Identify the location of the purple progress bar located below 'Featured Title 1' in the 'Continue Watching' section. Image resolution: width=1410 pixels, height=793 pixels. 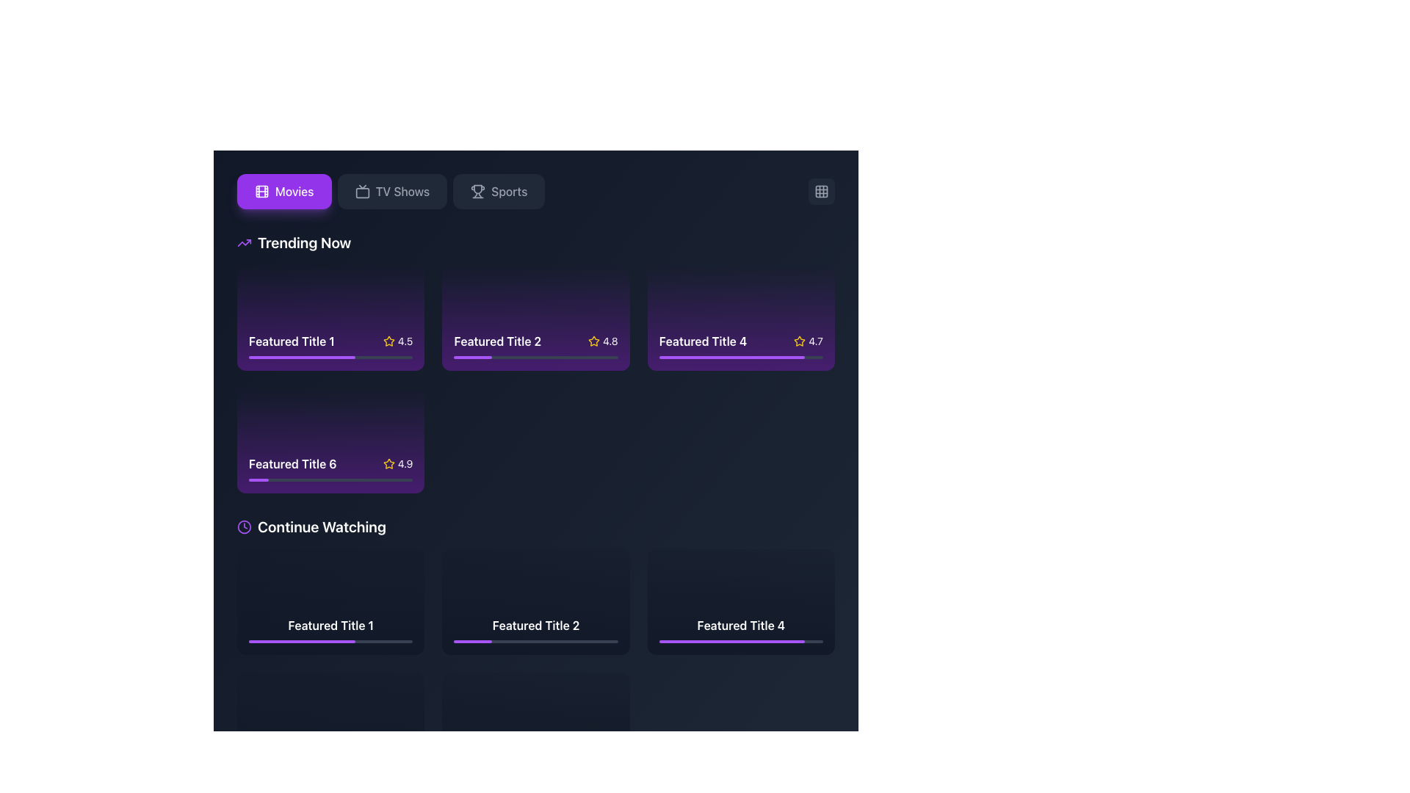
(286, 764).